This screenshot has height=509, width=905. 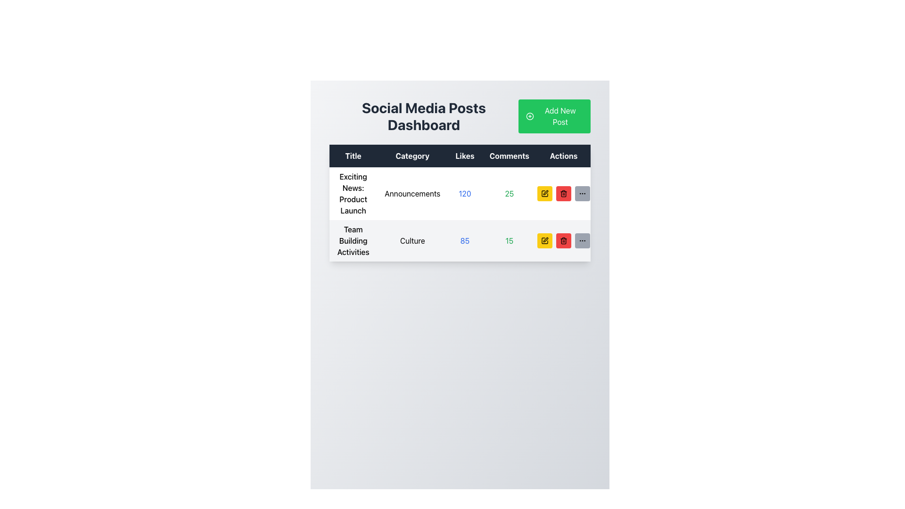 What do you see at coordinates (545, 240) in the screenshot?
I see `the yellow button with a black pen icon located in the 'Actions' column of the second row to initiate the edit function` at bounding box center [545, 240].